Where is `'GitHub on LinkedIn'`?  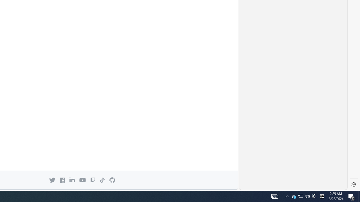
'GitHub on LinkedIn' is located at coordinates (72, 180).